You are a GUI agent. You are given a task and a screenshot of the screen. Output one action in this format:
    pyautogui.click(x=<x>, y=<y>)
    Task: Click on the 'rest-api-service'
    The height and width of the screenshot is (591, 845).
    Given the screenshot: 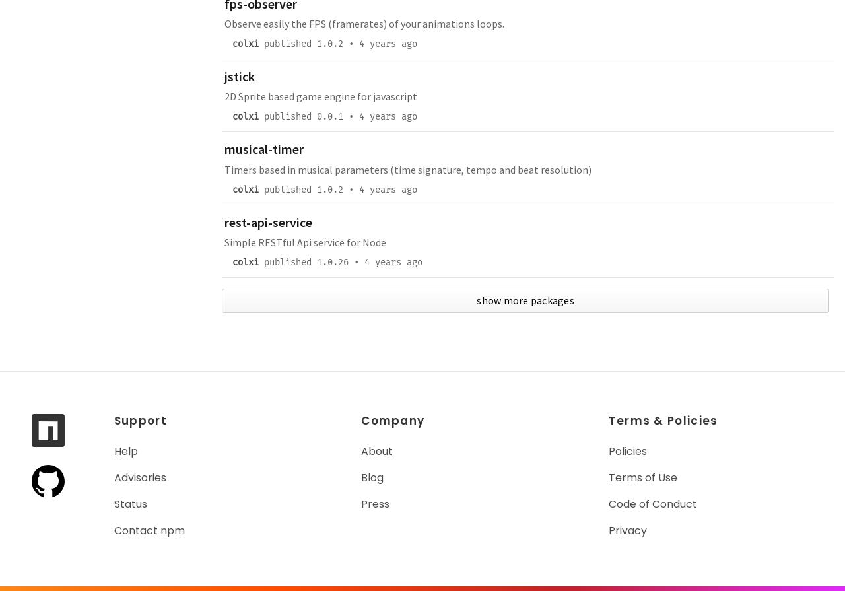 What is the action you would take?
    pyautogui.click(x=267, y=221)
    